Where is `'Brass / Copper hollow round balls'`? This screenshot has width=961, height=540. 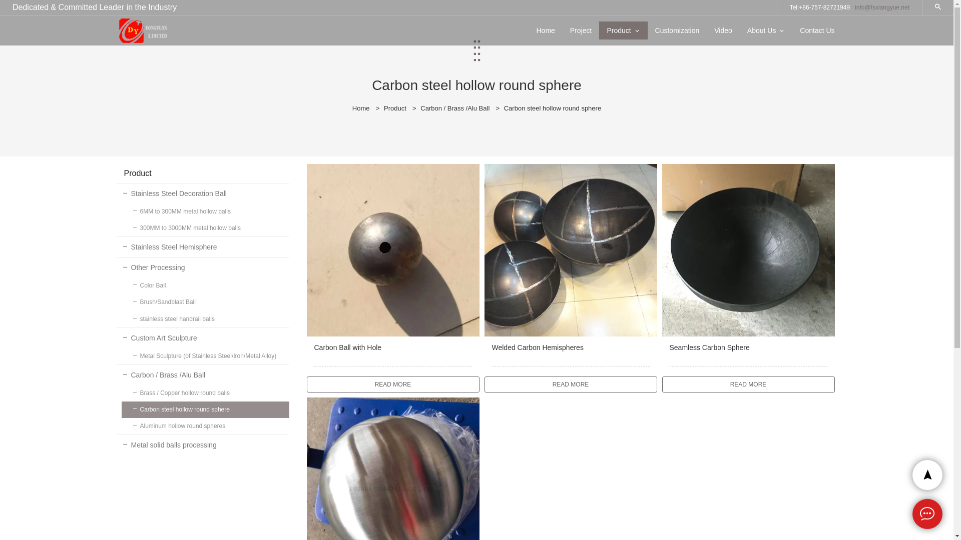 'Brass / Copper hollow round balls' is located at coordinates (204, 392).